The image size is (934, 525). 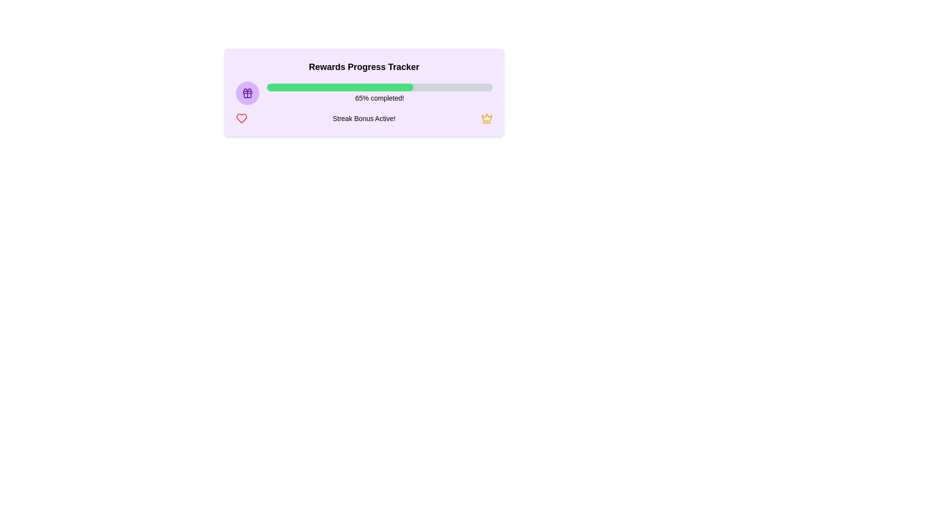 I want to click on the Decorative SVG shape, which is a rectangular element with rounded edges and a purple fill, positioned horizontally as part of a gift icon, so click(x=247, y=92).